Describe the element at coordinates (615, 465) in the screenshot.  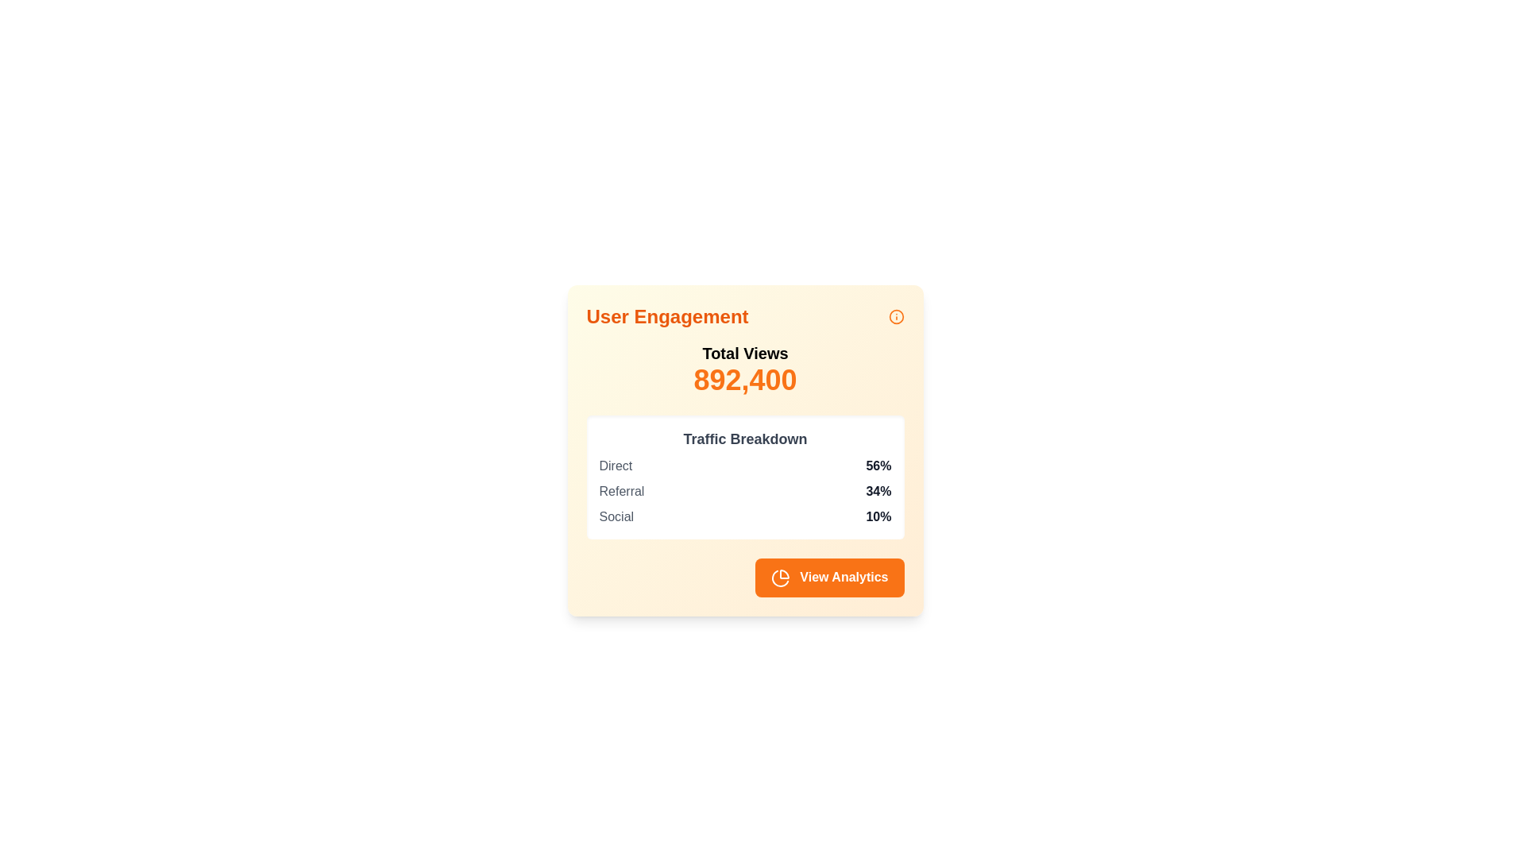
I see `the 'Direct' traffic source label in the Traffic Breakdown section of the card` at that location.